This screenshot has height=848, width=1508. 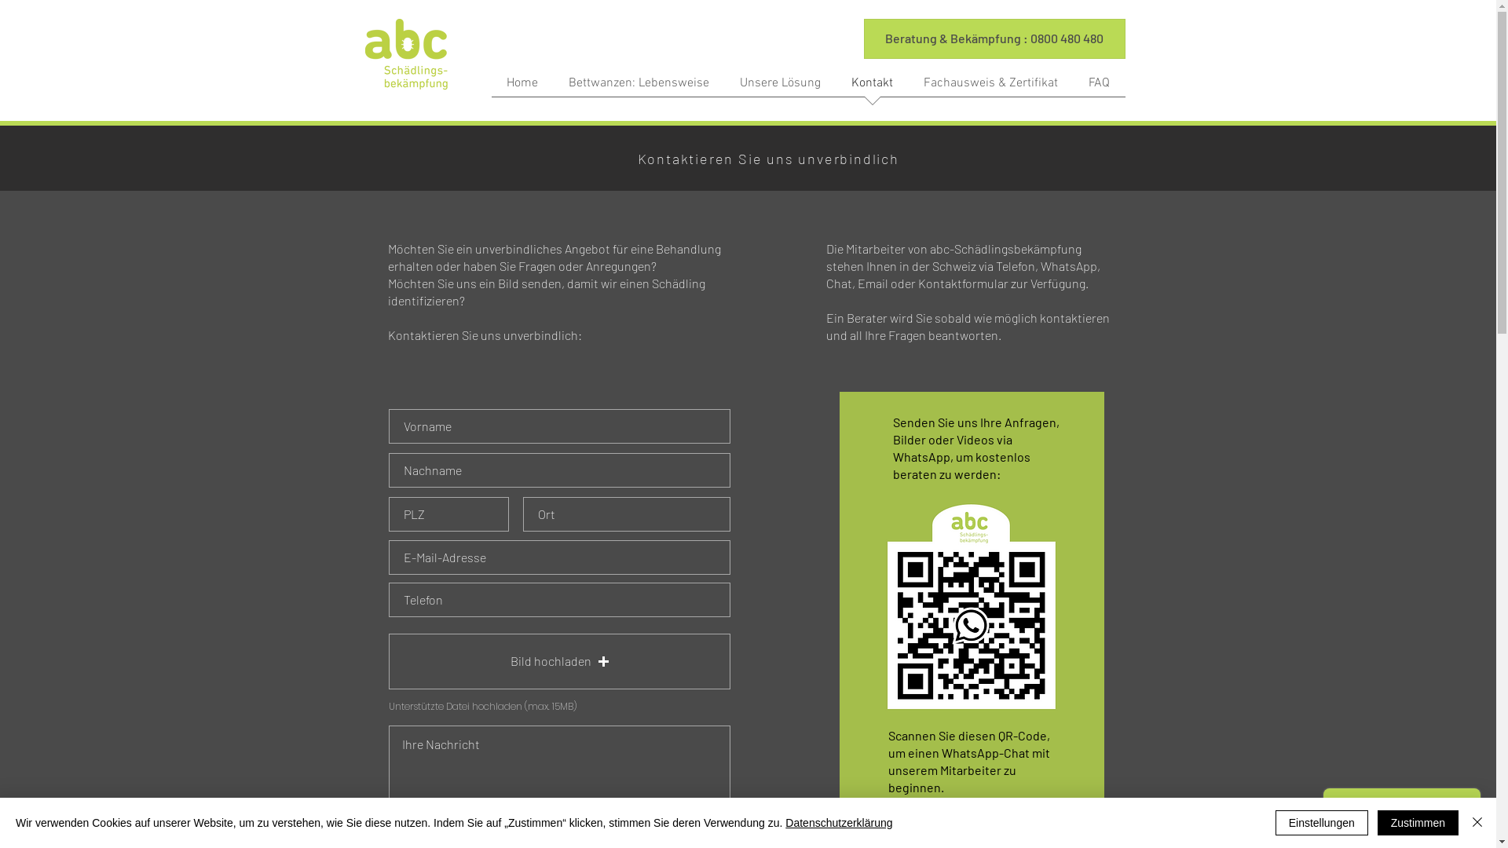 What do you see at coordinates (1321, 822) in the screenshot?
I see `'Einstellungen'` at bounding box center [1321, 822].